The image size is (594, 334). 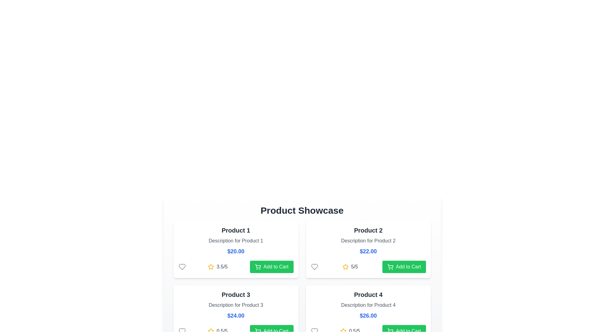 What do you see at coordinates (368, 316) in the screenshot?
I see `price text label indicating the price of 'Product 4', located in the fourth product card, below 'Description for Product 4' and above the rating and 'Add to Cart' button` at bounding box center [368, 316].